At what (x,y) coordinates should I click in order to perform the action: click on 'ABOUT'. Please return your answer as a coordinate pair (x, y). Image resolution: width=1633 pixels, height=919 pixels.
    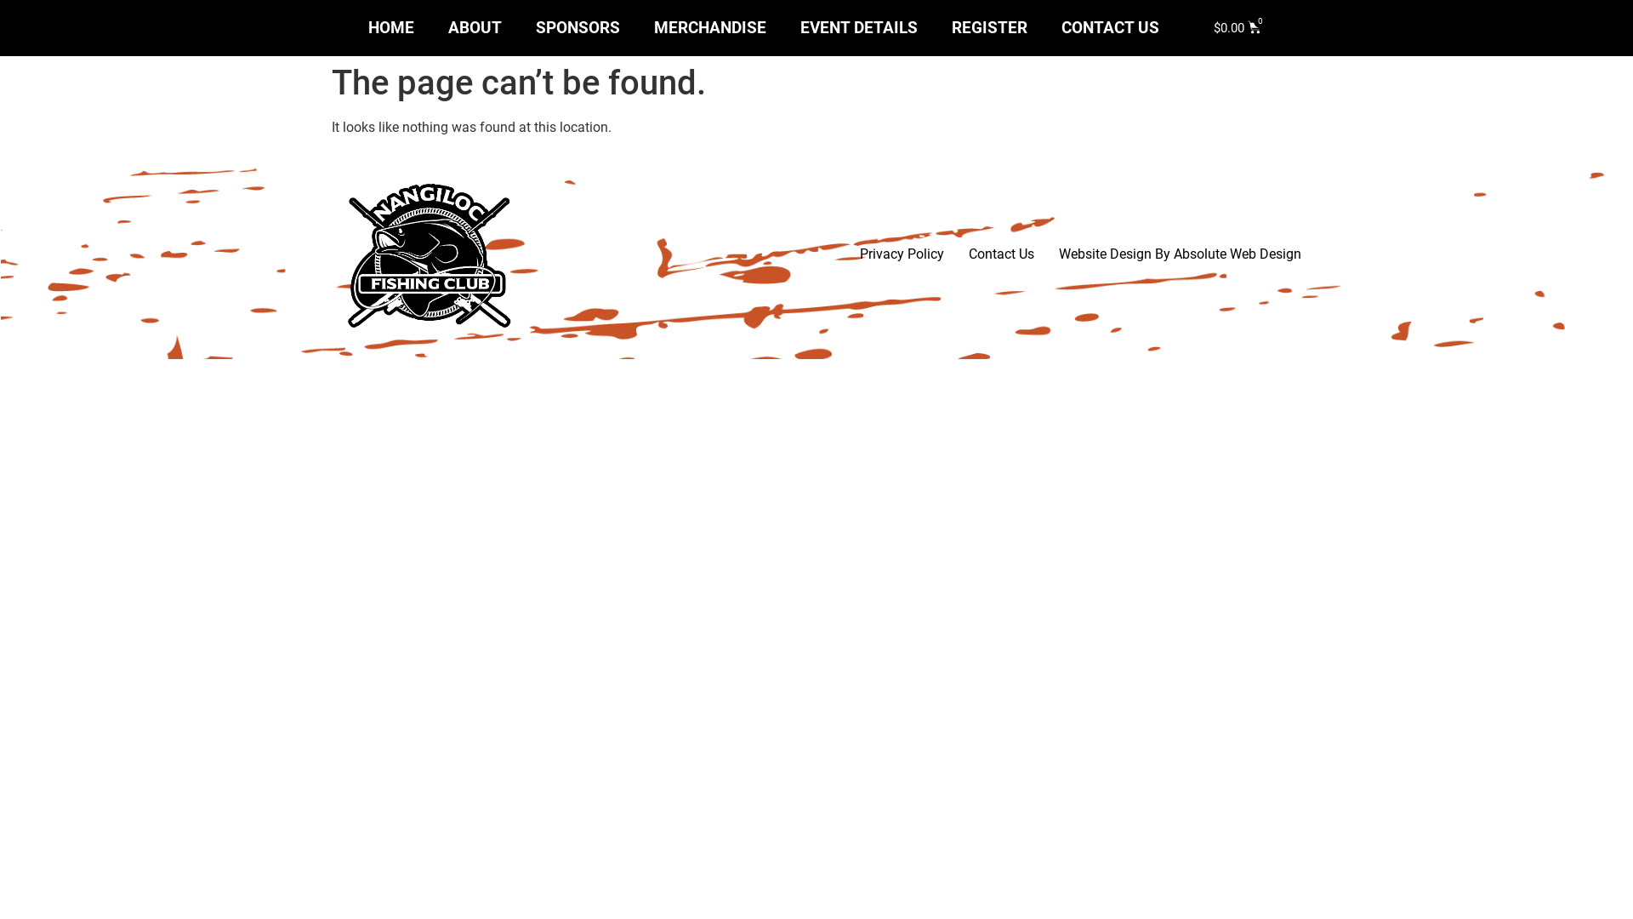
    Looking at the image, I should click on (475, 28).